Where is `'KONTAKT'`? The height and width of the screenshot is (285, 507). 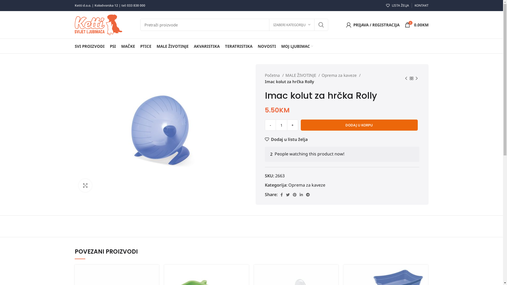 'KONTAKT' is located at coordinates (421, 5).